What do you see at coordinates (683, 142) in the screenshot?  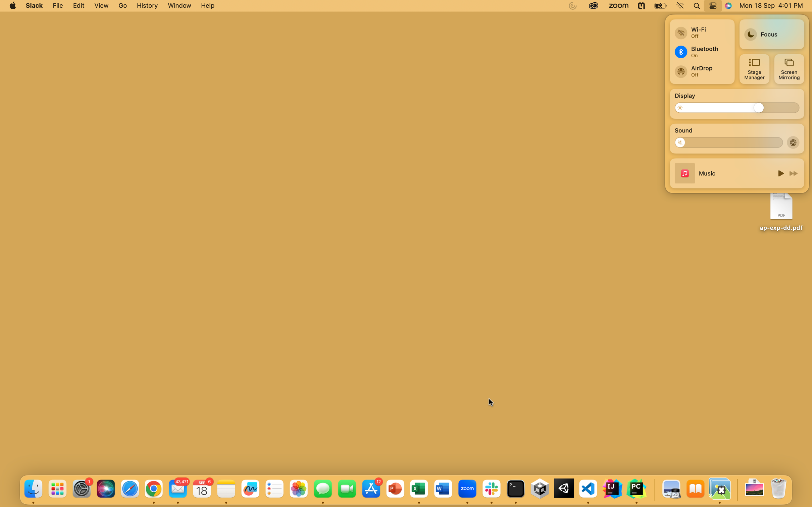 I see `Turn down the audio` at bounding box center [683, 142].